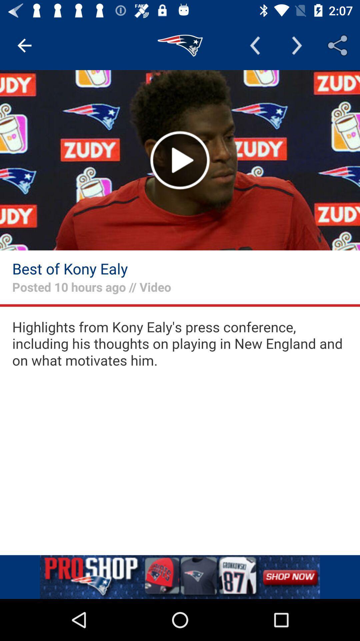 This screenshot has width=360, height=641. Describe the element at coordinates (180, 577) in the screenshot. I see `the pro shop` at that location.